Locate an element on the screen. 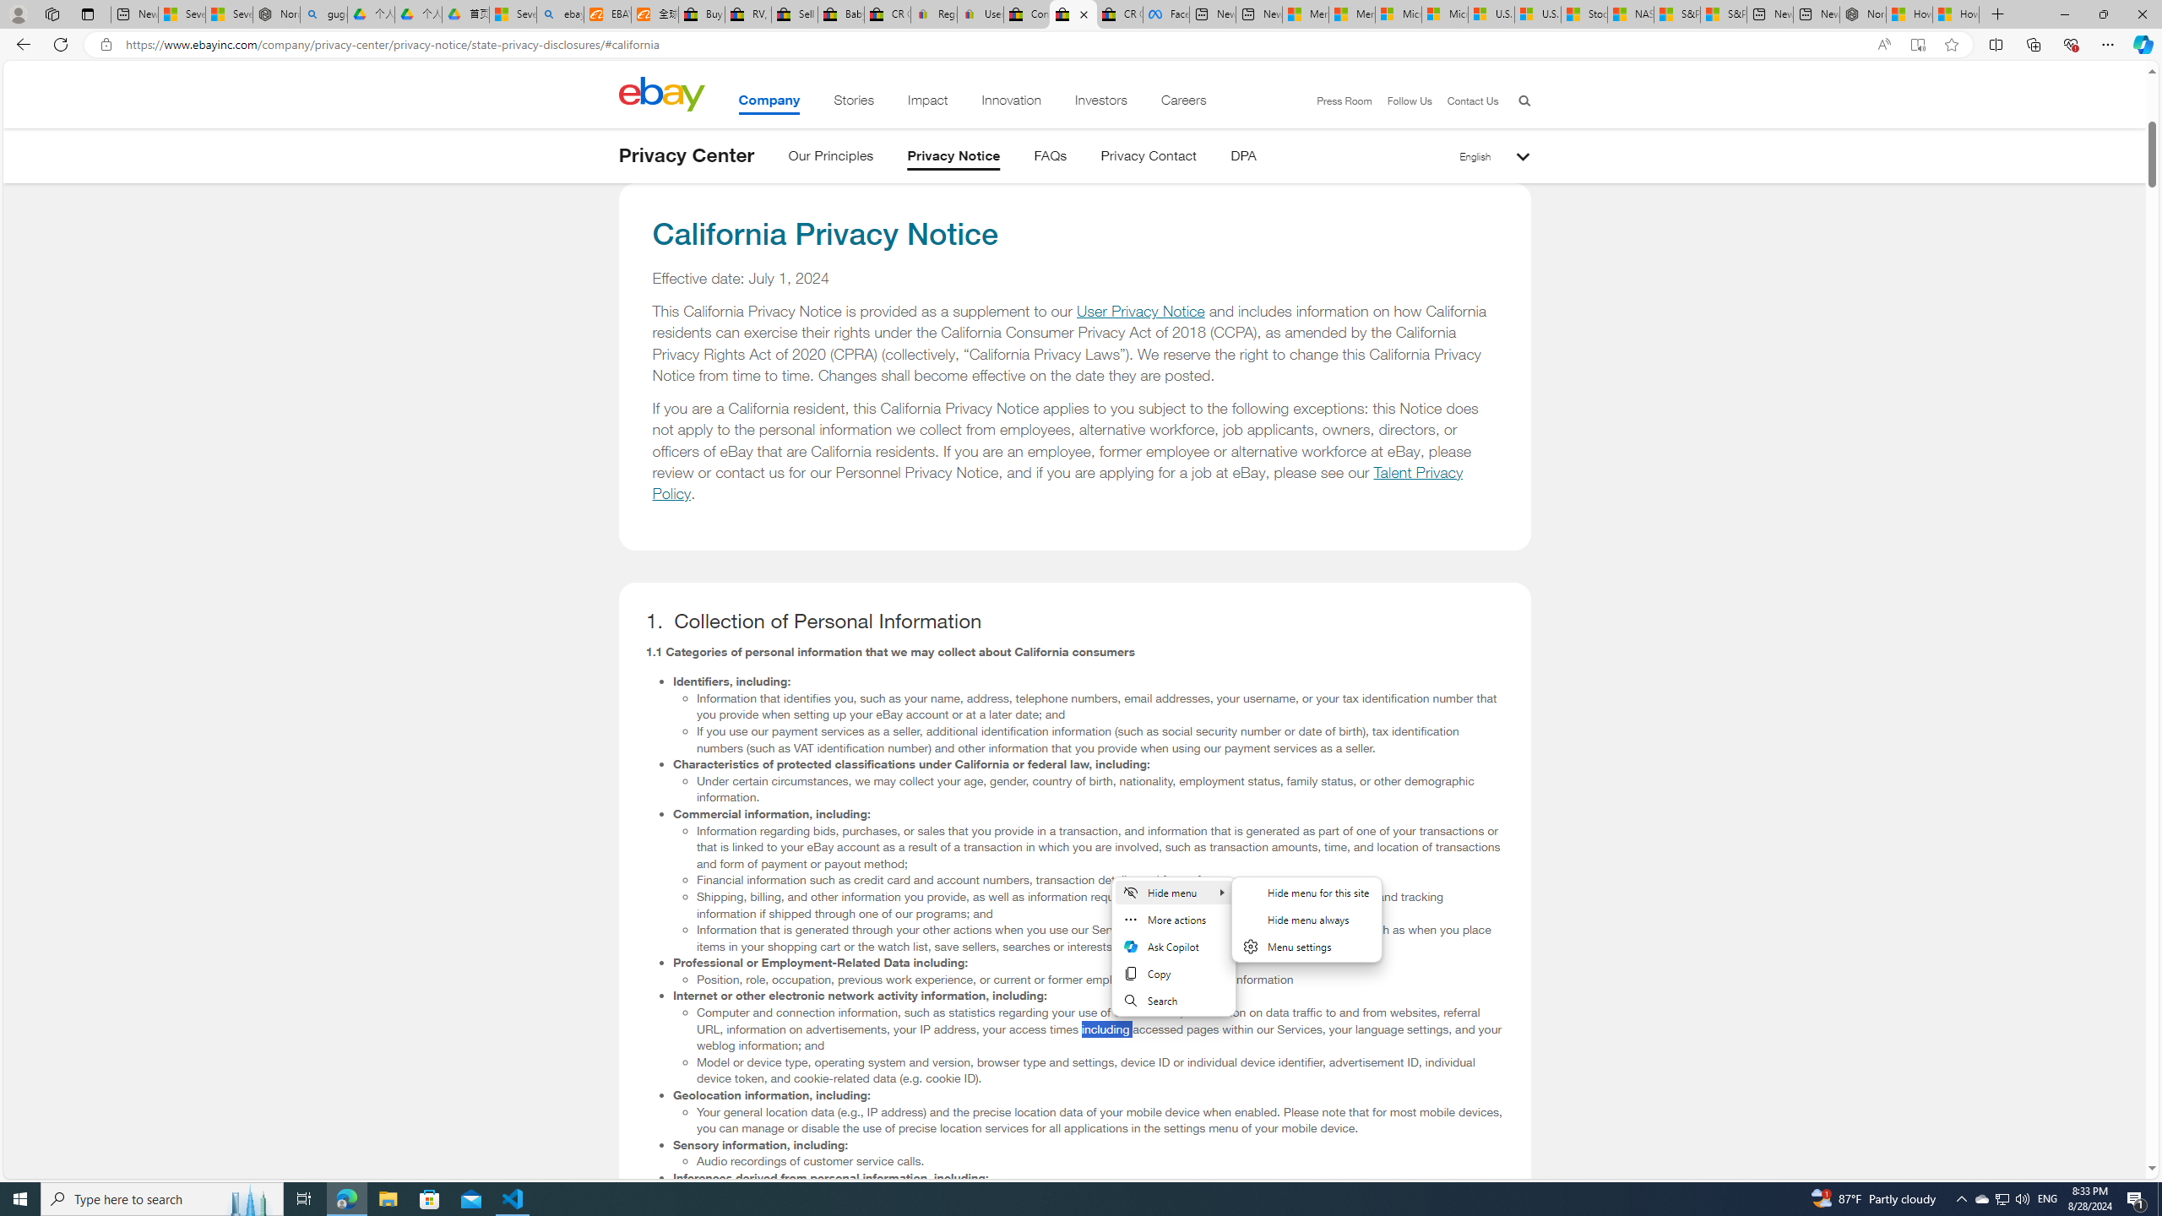  'Privacy Notice' is located at coordinates (953, 158).